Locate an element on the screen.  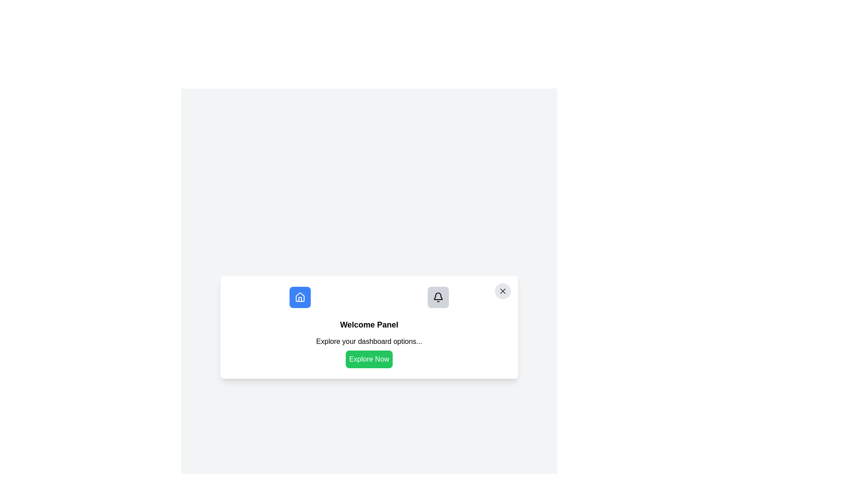
the home icon located at the top left side of the panel is located at coordinates (300, 297).